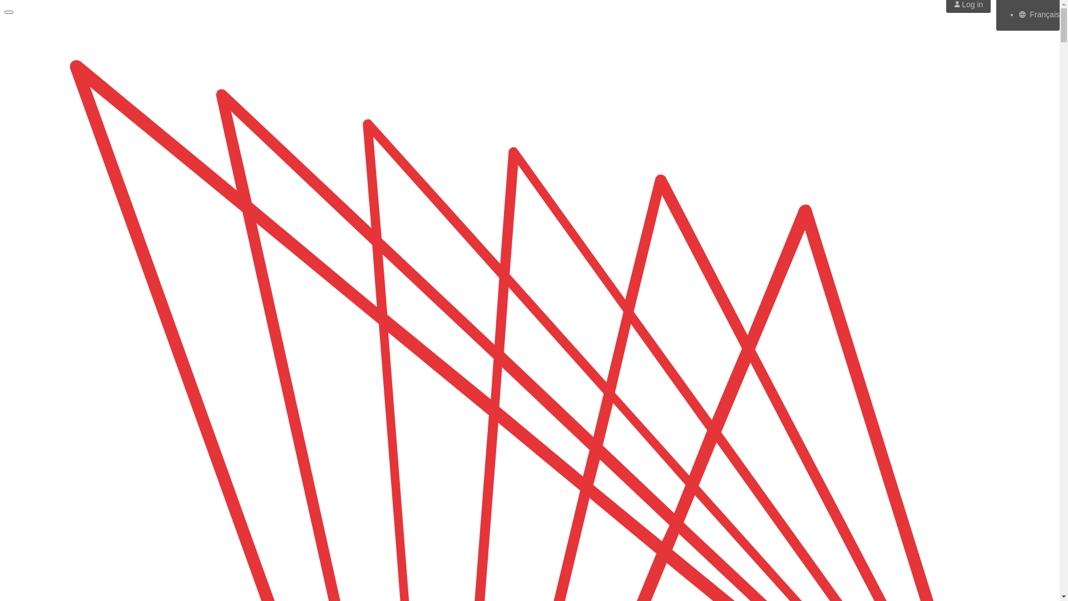  What do you see at coordinates (968, 4) in the screenshot?
I see `'Log in'` at bounding box center [968, 4].